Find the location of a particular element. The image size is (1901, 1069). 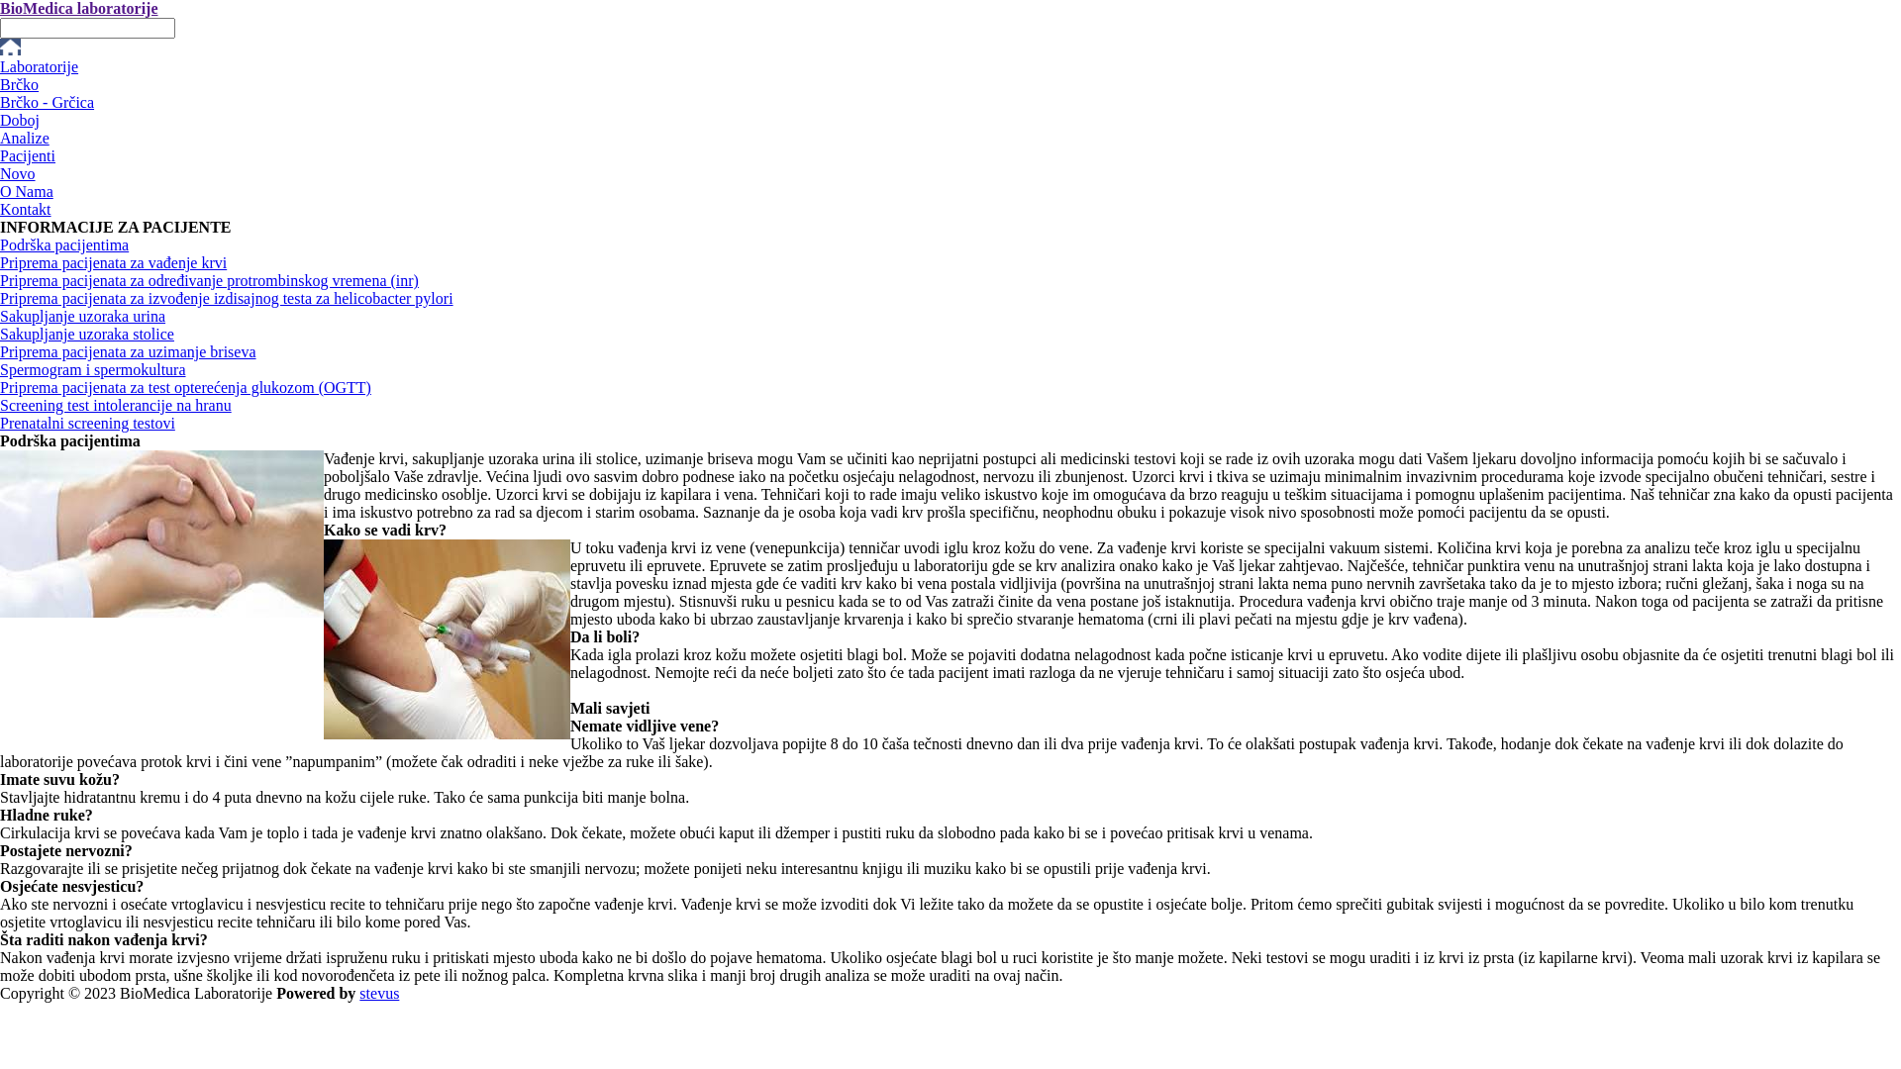

'Novo' is located at coordinates (18, 172).